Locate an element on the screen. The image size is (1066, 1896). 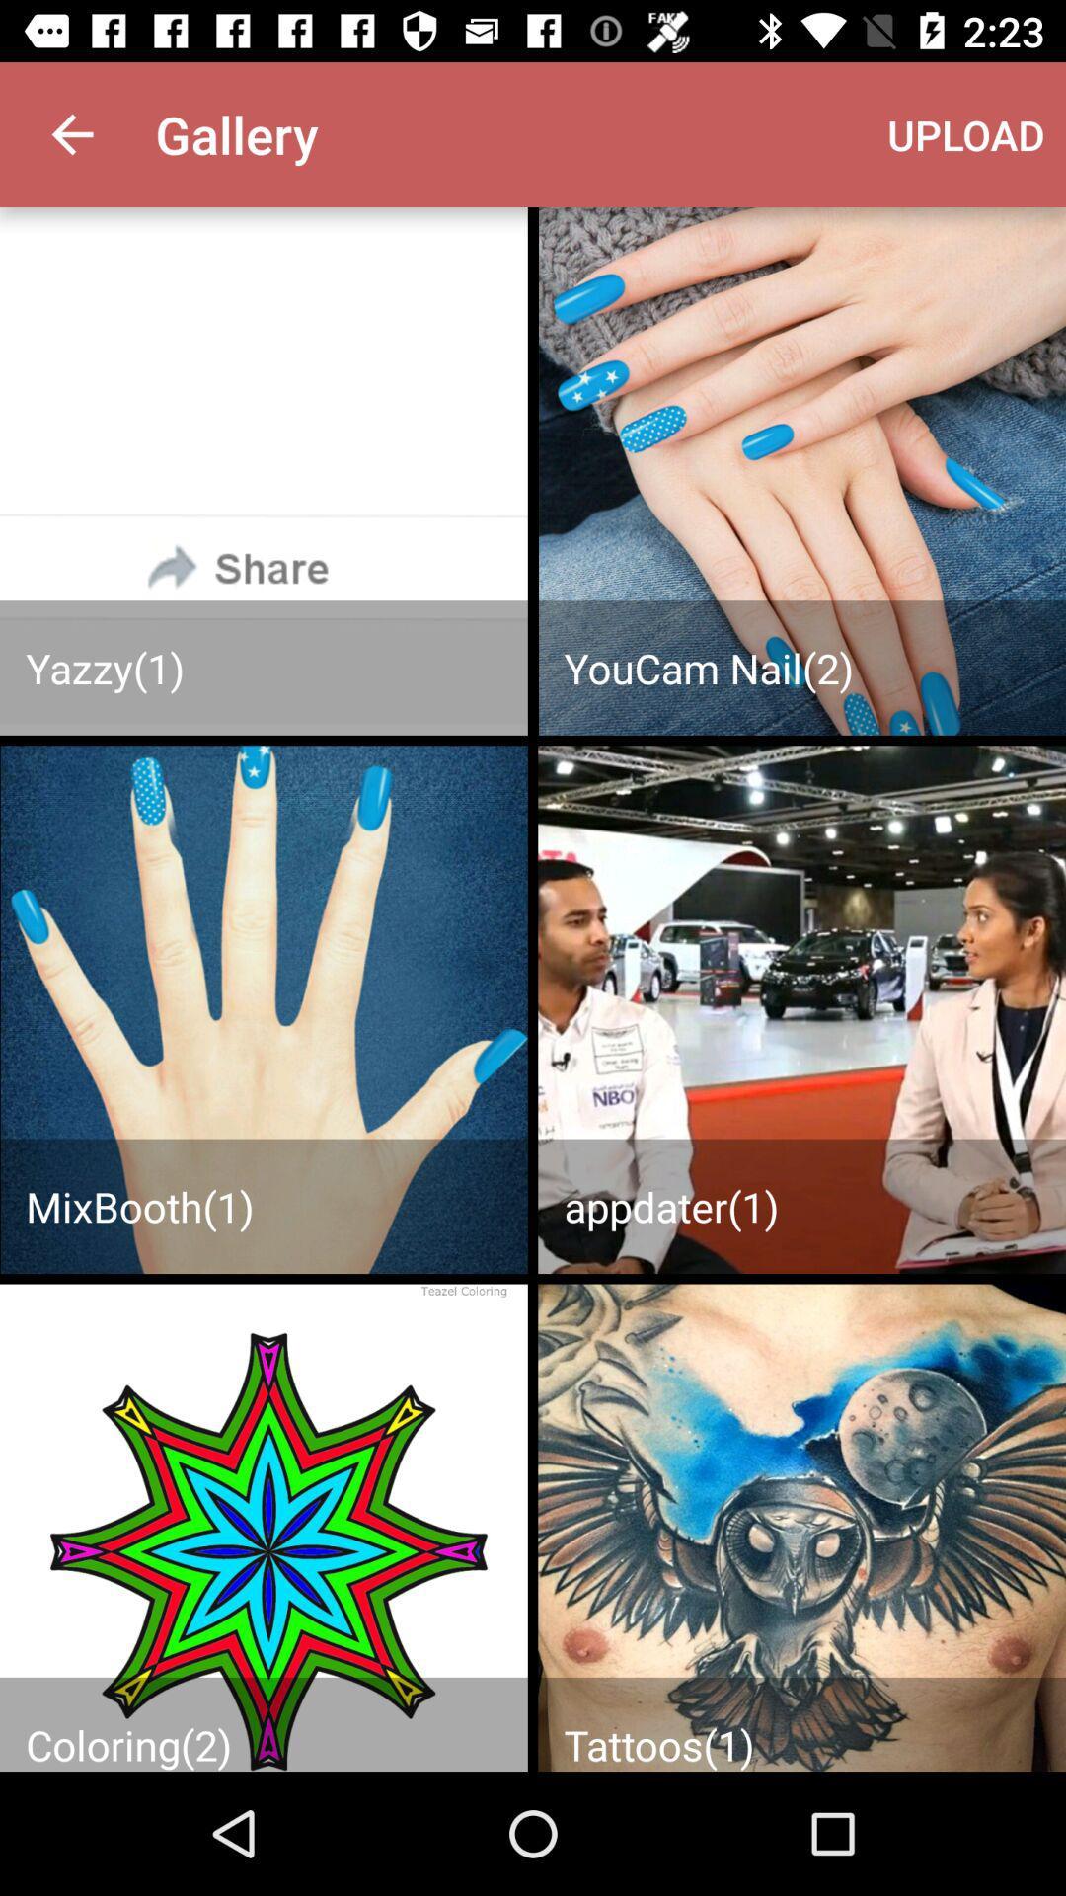
album is located at coordinates (263, 1527).